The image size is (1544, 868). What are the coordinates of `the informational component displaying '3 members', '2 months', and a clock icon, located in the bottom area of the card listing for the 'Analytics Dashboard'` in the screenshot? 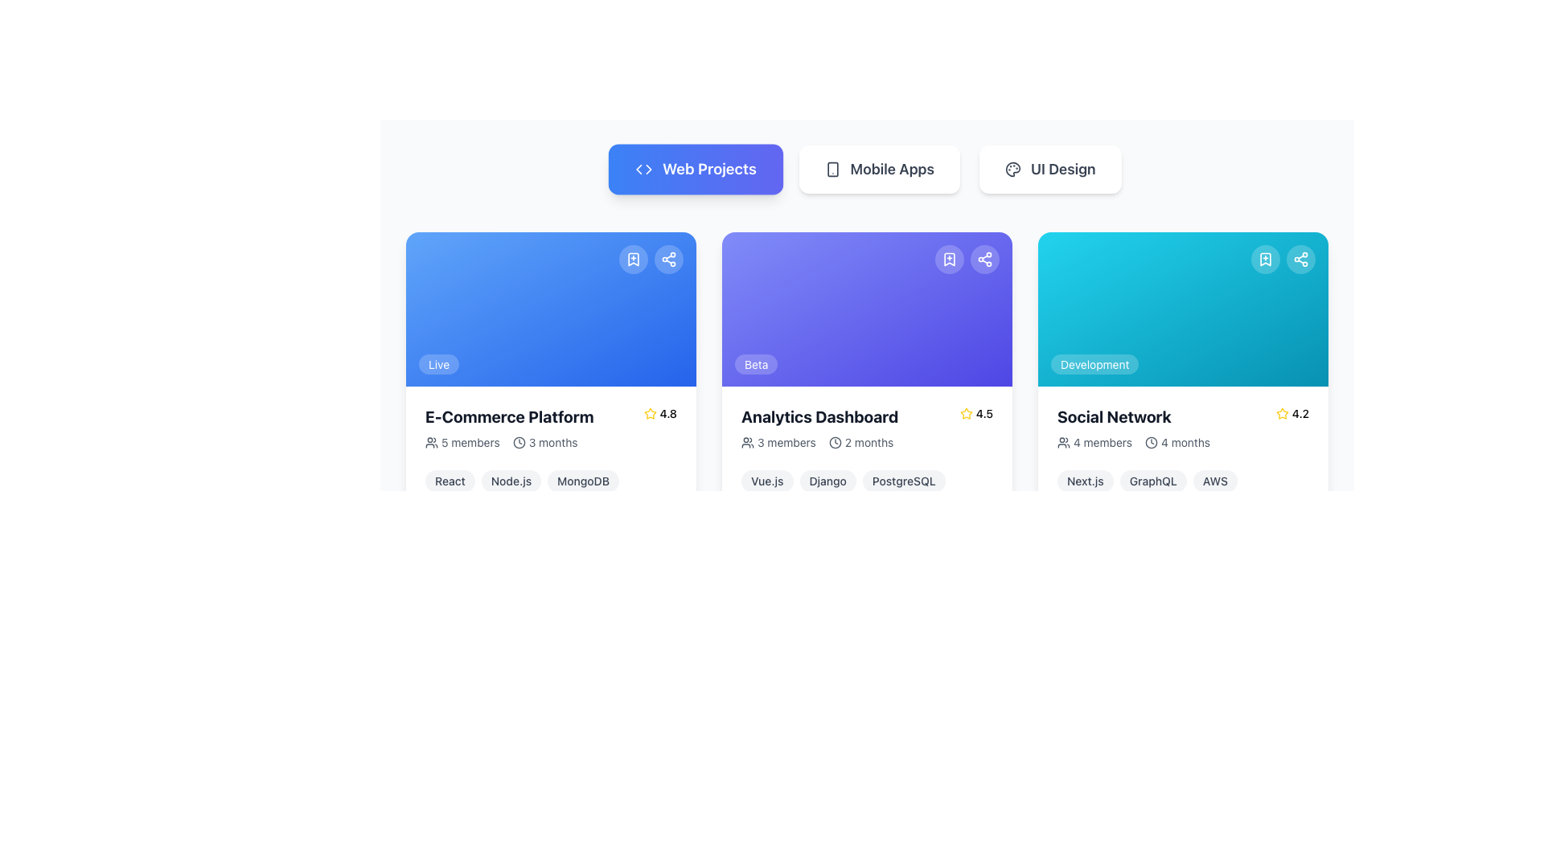 It's located at (866, 443).